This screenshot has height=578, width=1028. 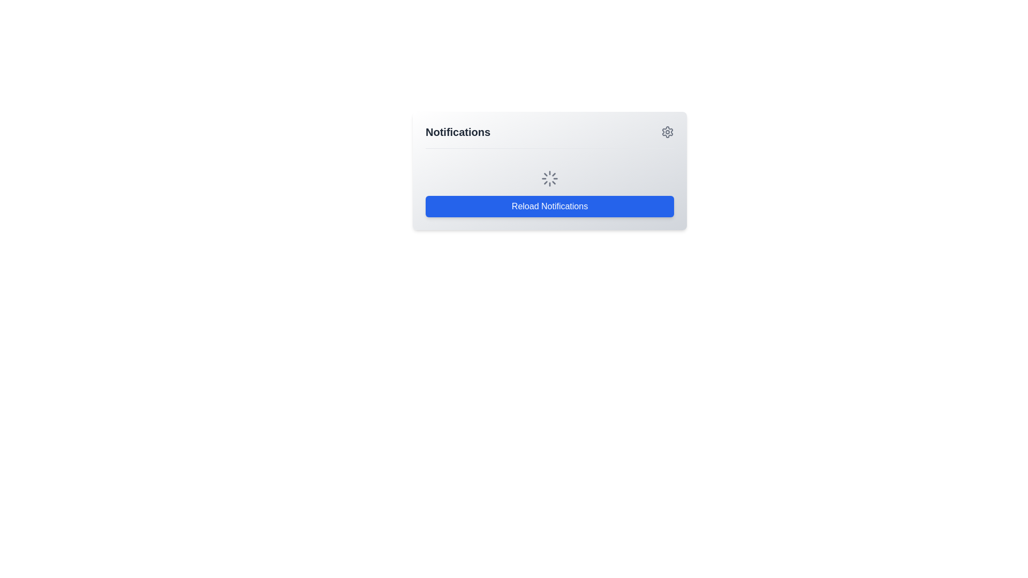 What do you see at coordinates (550, 206) in the screenshot?
I see `the refresh button located at the bottom of the notification panel` at bounding box center [550, 206].